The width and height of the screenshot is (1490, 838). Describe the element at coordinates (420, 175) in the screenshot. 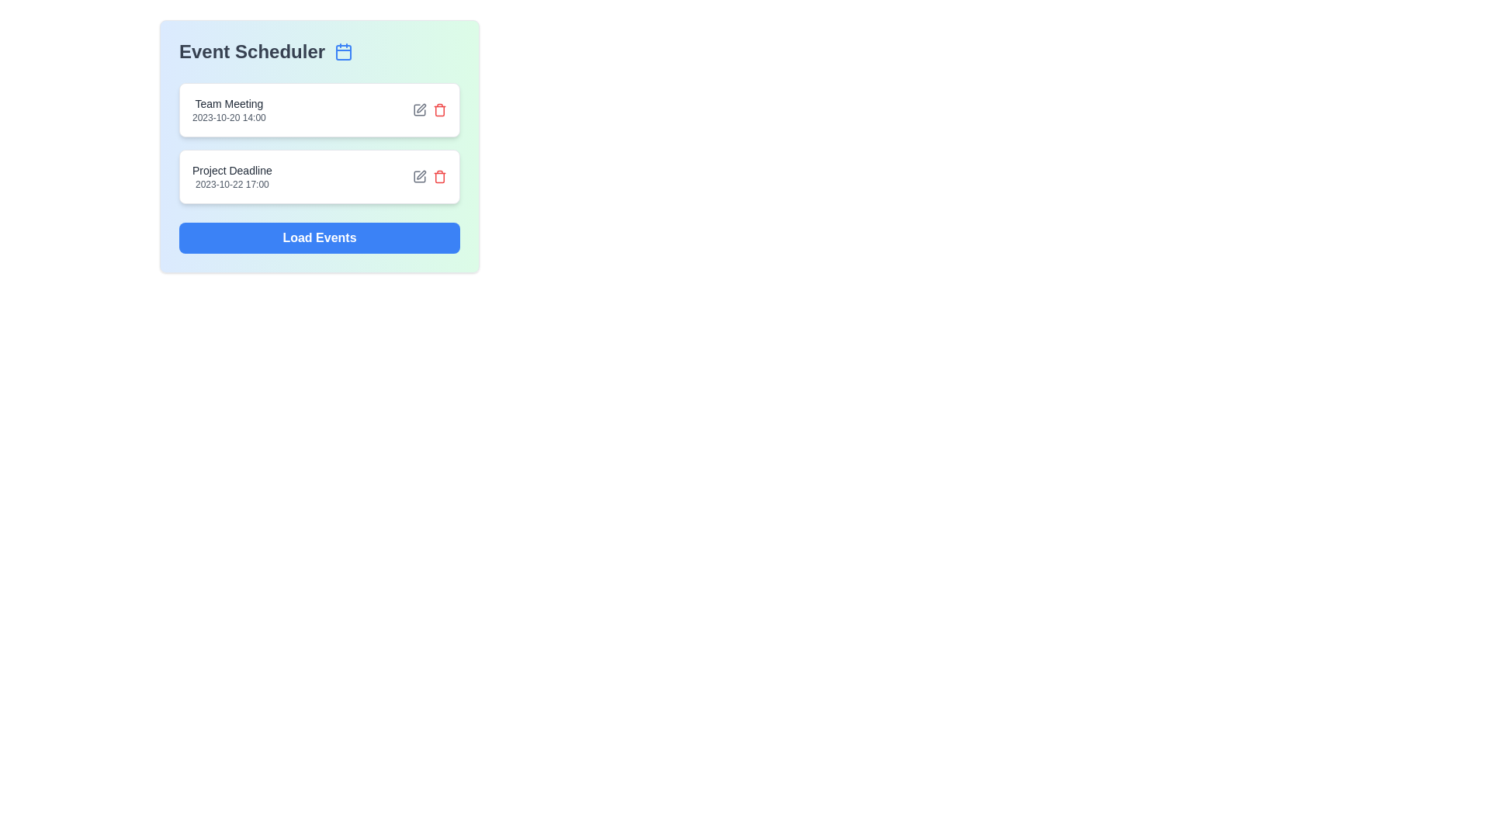

I see `the pencil icon located to the left of the trash bin icon in the 'Project Deadline' section to initiate editing the event` at that location.